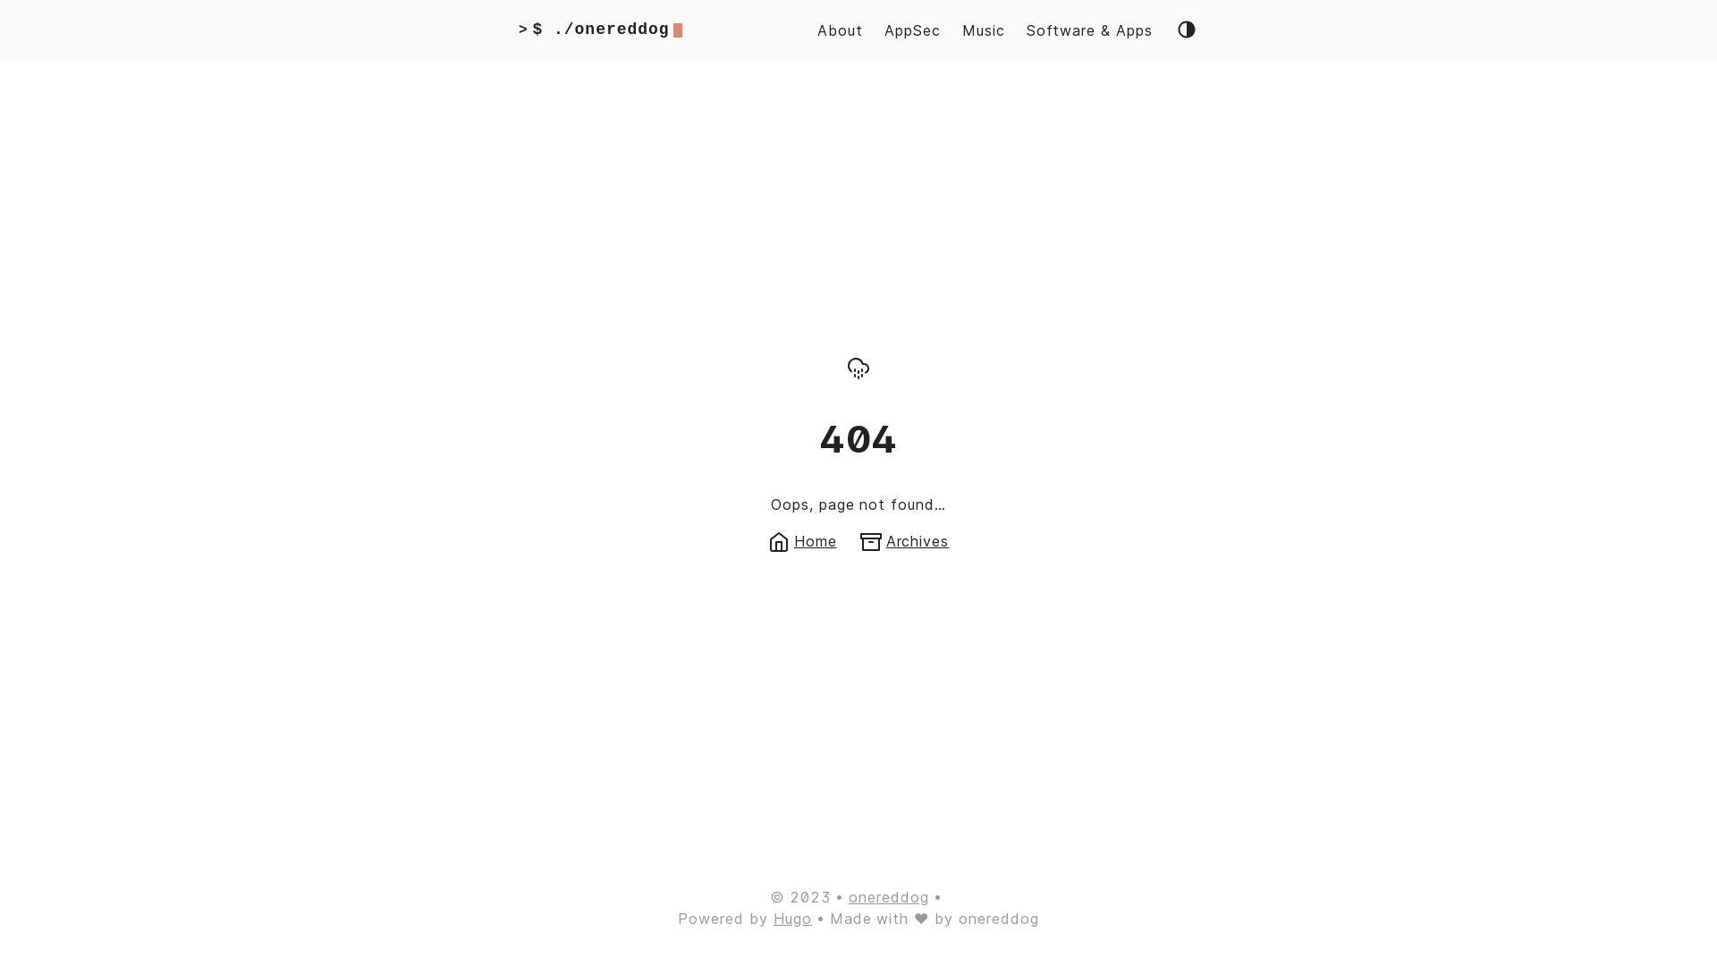  I want to click on 'Hugo', so click(791, 918).